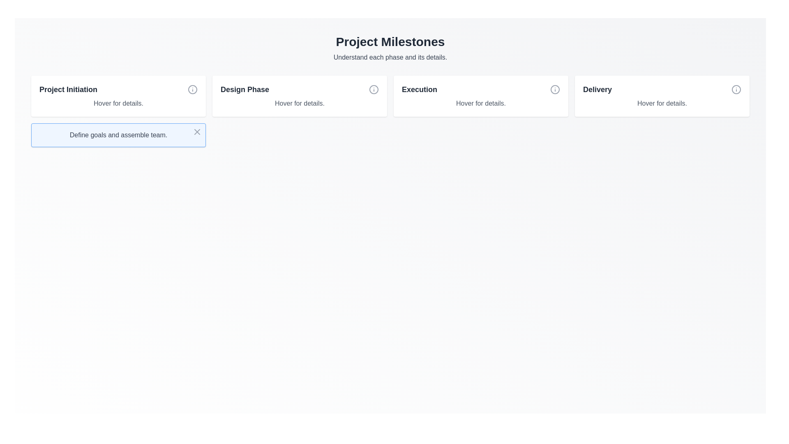 This screenshot has width=789, height=444. Describe the element at coordinates (481, 103) in the screenshot. I see `the Text label providing instructions under the title 'Execution' in the third box of the four-column layout describing 'Project Milestones'` at that location.